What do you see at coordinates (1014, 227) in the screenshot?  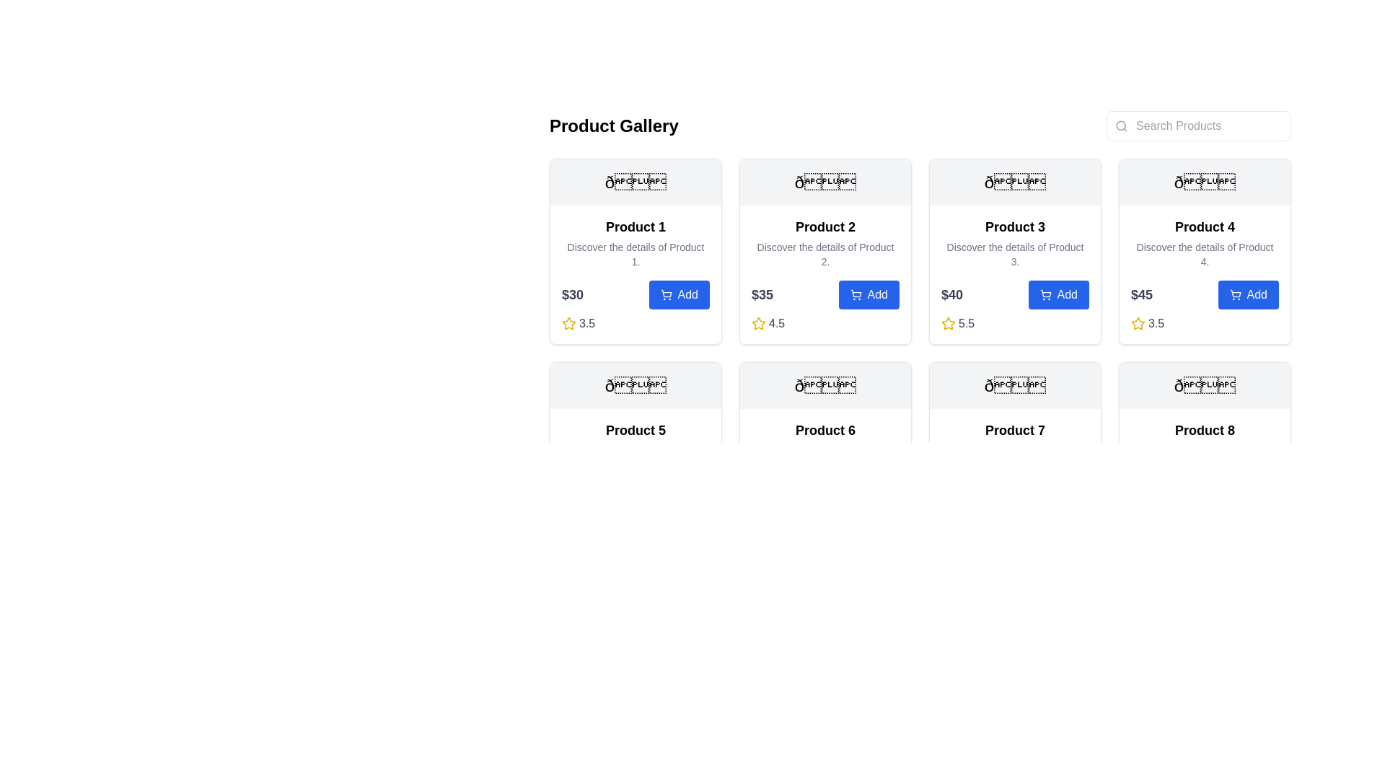 I see `the bold text label/header that displays 'Product 3', which is centrally placed in the third card of the grid layout` at bounding box center [1014, 227].